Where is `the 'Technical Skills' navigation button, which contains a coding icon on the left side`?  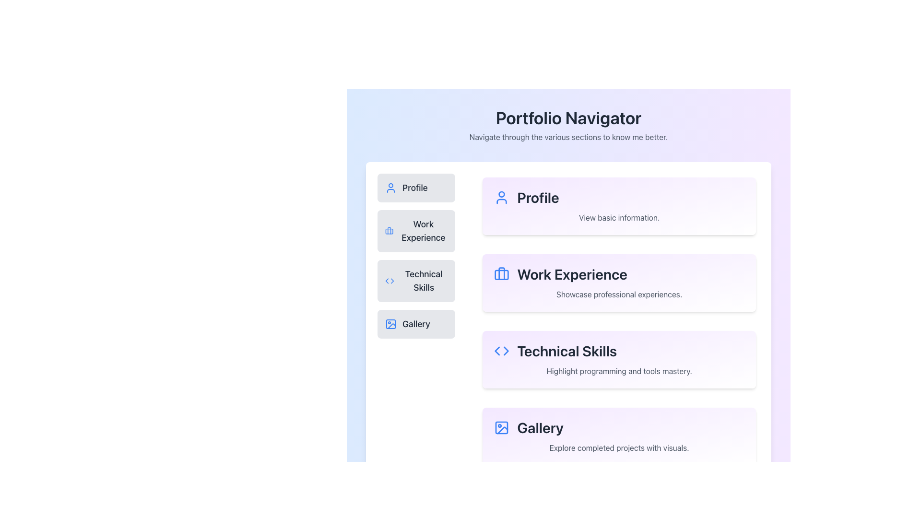
the 'Technical Skills' navigation button, which contains a coding icon on the left side is located at coordinates (390, 281).